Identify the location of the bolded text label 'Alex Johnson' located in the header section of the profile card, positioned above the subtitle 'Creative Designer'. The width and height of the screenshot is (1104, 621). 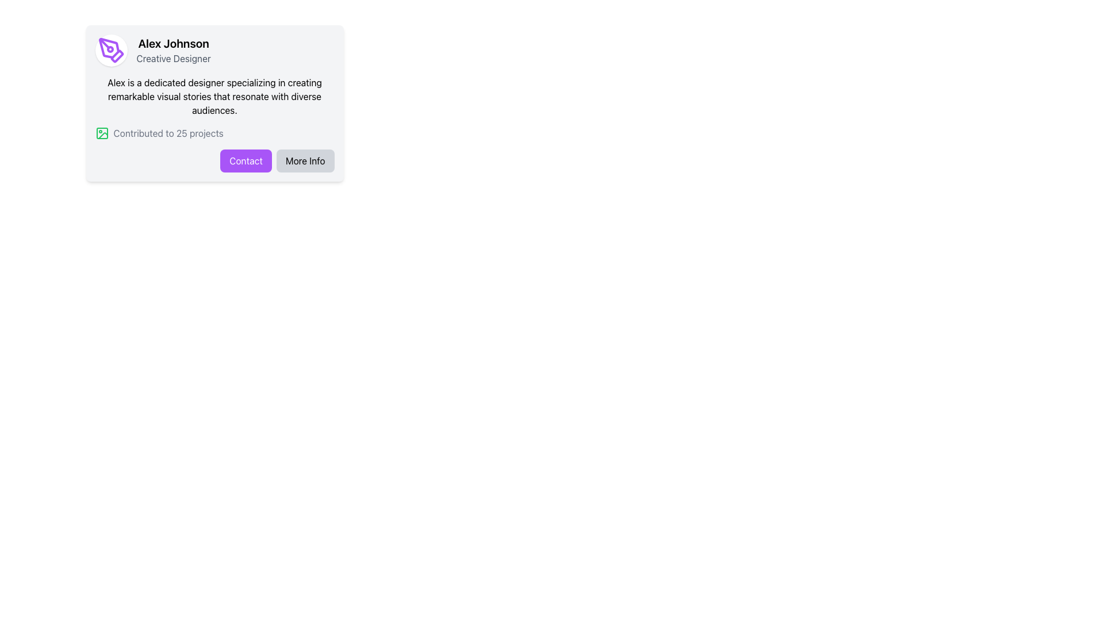
(173, 43).